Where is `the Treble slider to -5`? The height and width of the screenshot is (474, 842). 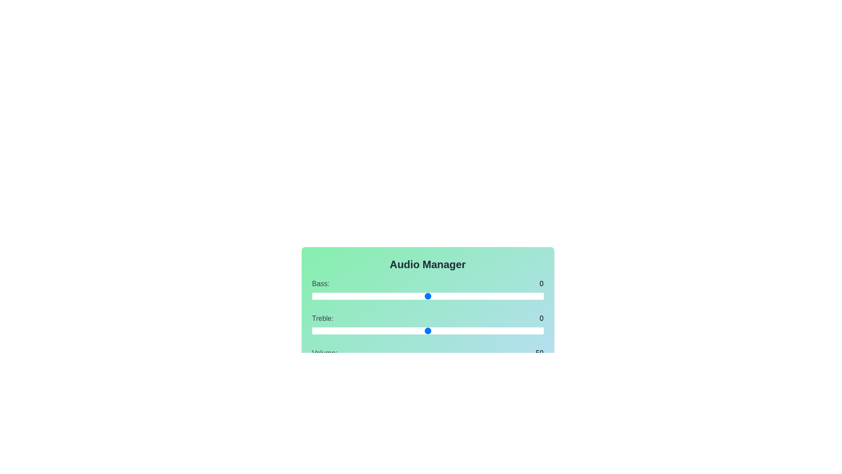 the Treble slider to -5 is located at coordinates (370, 330).